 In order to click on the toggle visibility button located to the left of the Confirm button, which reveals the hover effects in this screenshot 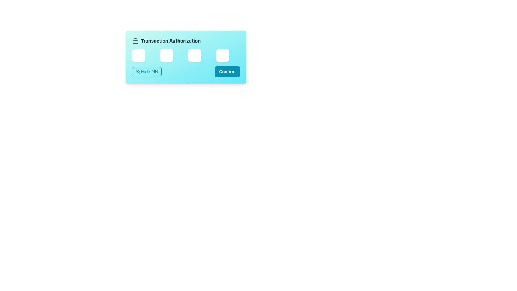, I will do `click(147, 71)`.